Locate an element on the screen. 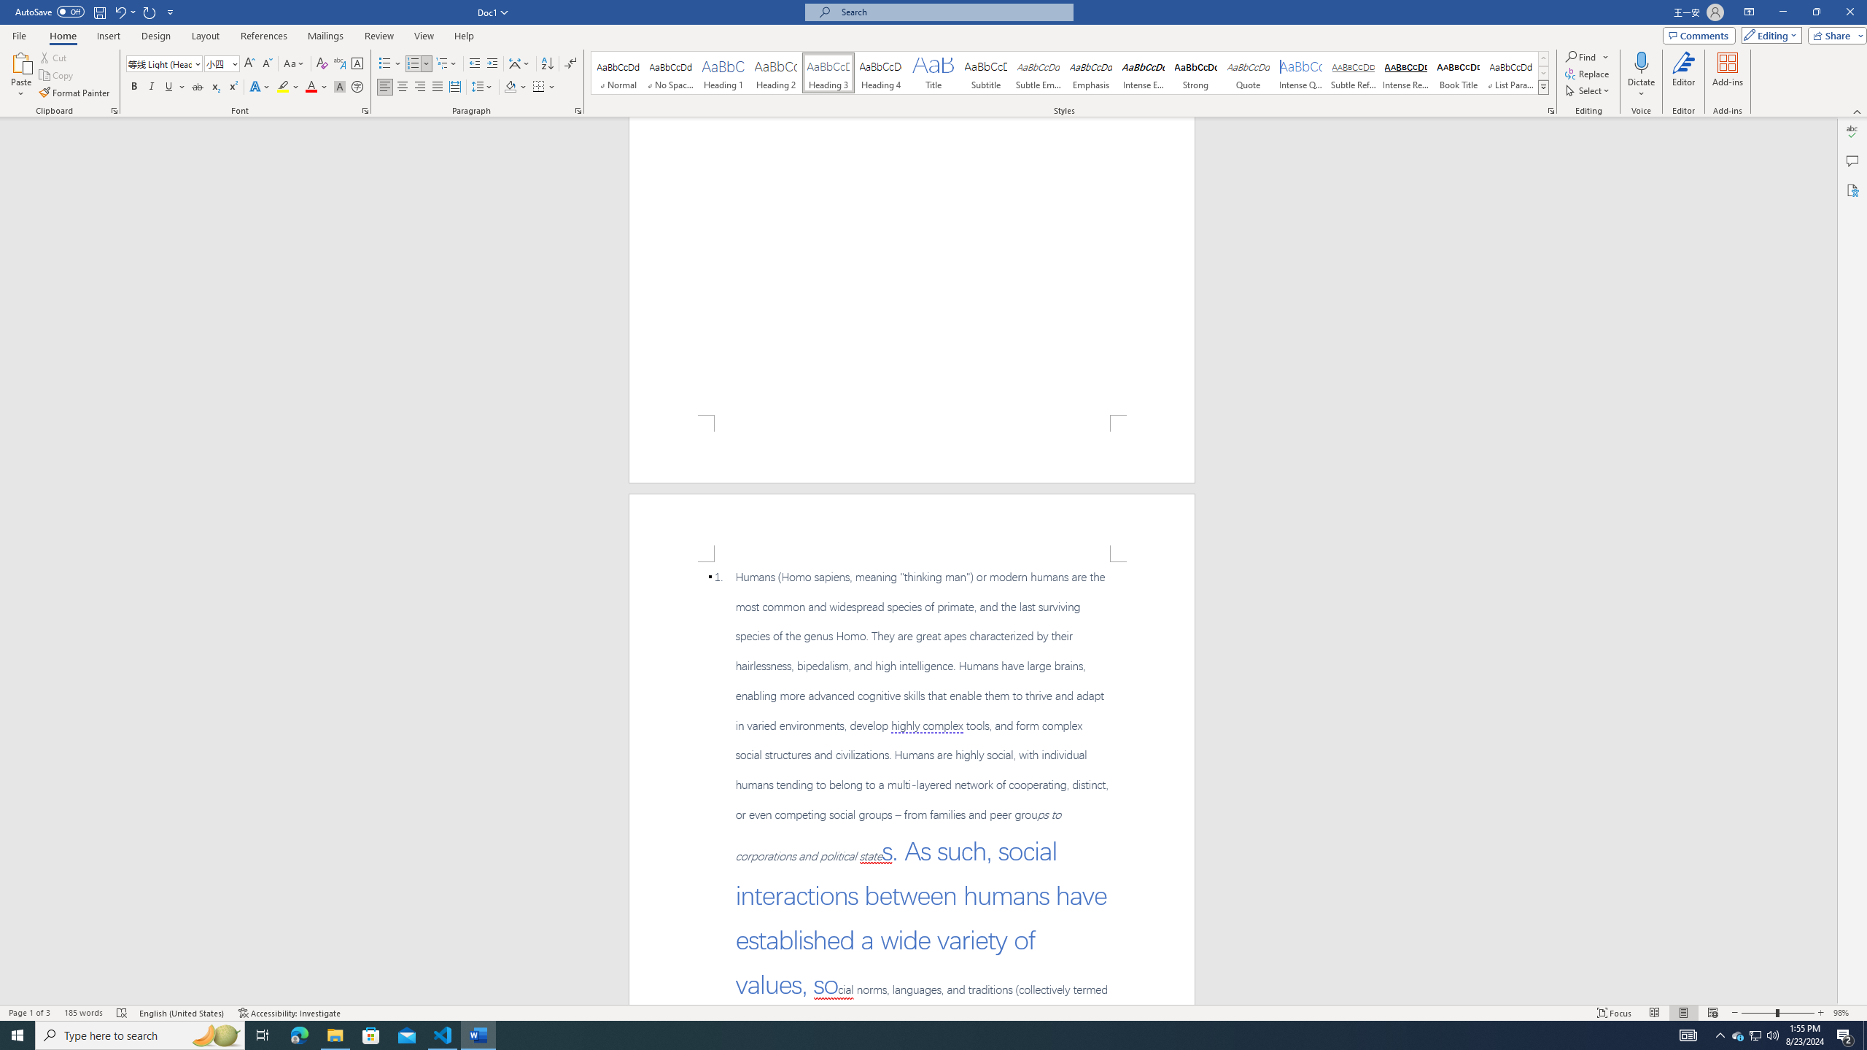 Image resolution: width=1867 pixels, height=1050 pixels. 'Book Title' is located at coordinates (1457, 72).